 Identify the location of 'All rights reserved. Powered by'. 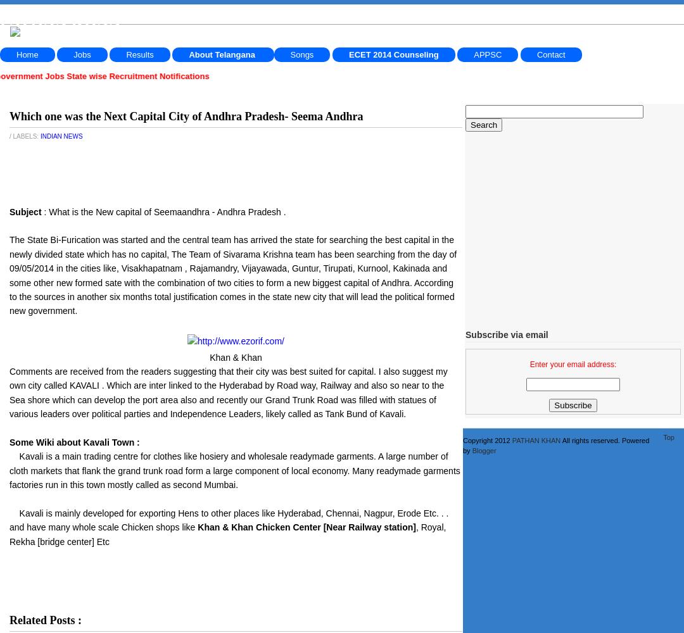
(463, 445).